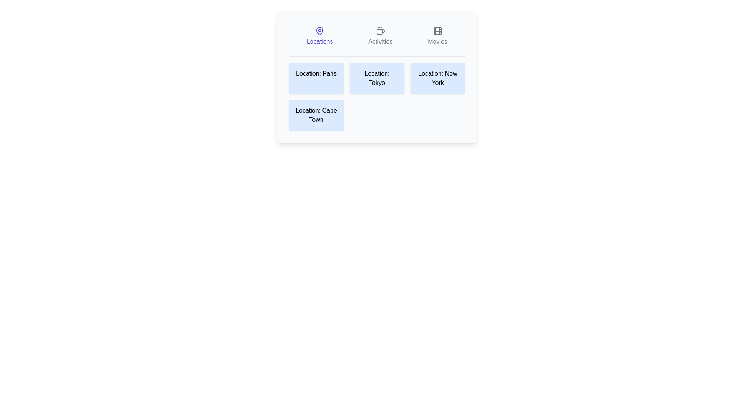 This screenshot has width=738, height=415. Describe the element at coordinates (437, 78) in the screenshot. I see `the tab or card labeled Location: New York` at that location.